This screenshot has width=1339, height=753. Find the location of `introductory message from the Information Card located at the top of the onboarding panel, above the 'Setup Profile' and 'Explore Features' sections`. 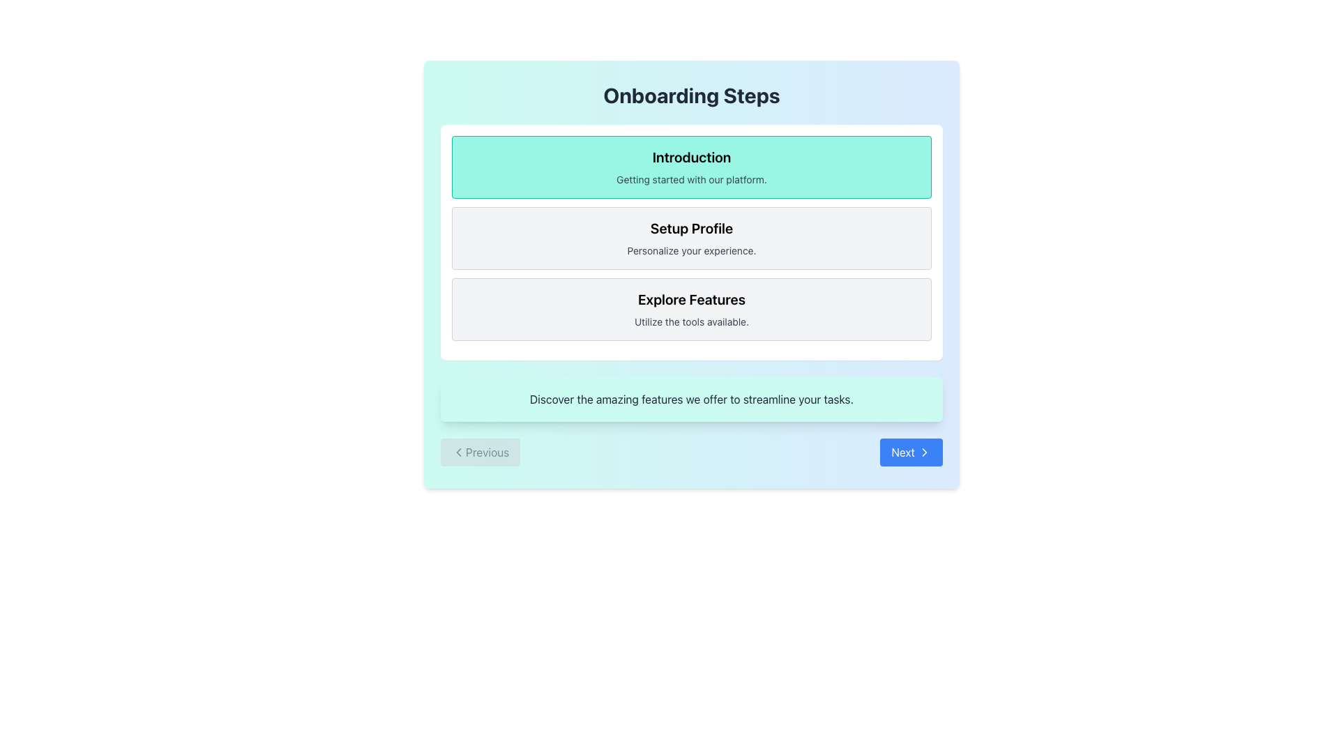

introductory message from the Information Card located at the top of the onboarding panel, above the 'Setup Profile' and 'Explore Features' sections is located at coordinates (692, 166).